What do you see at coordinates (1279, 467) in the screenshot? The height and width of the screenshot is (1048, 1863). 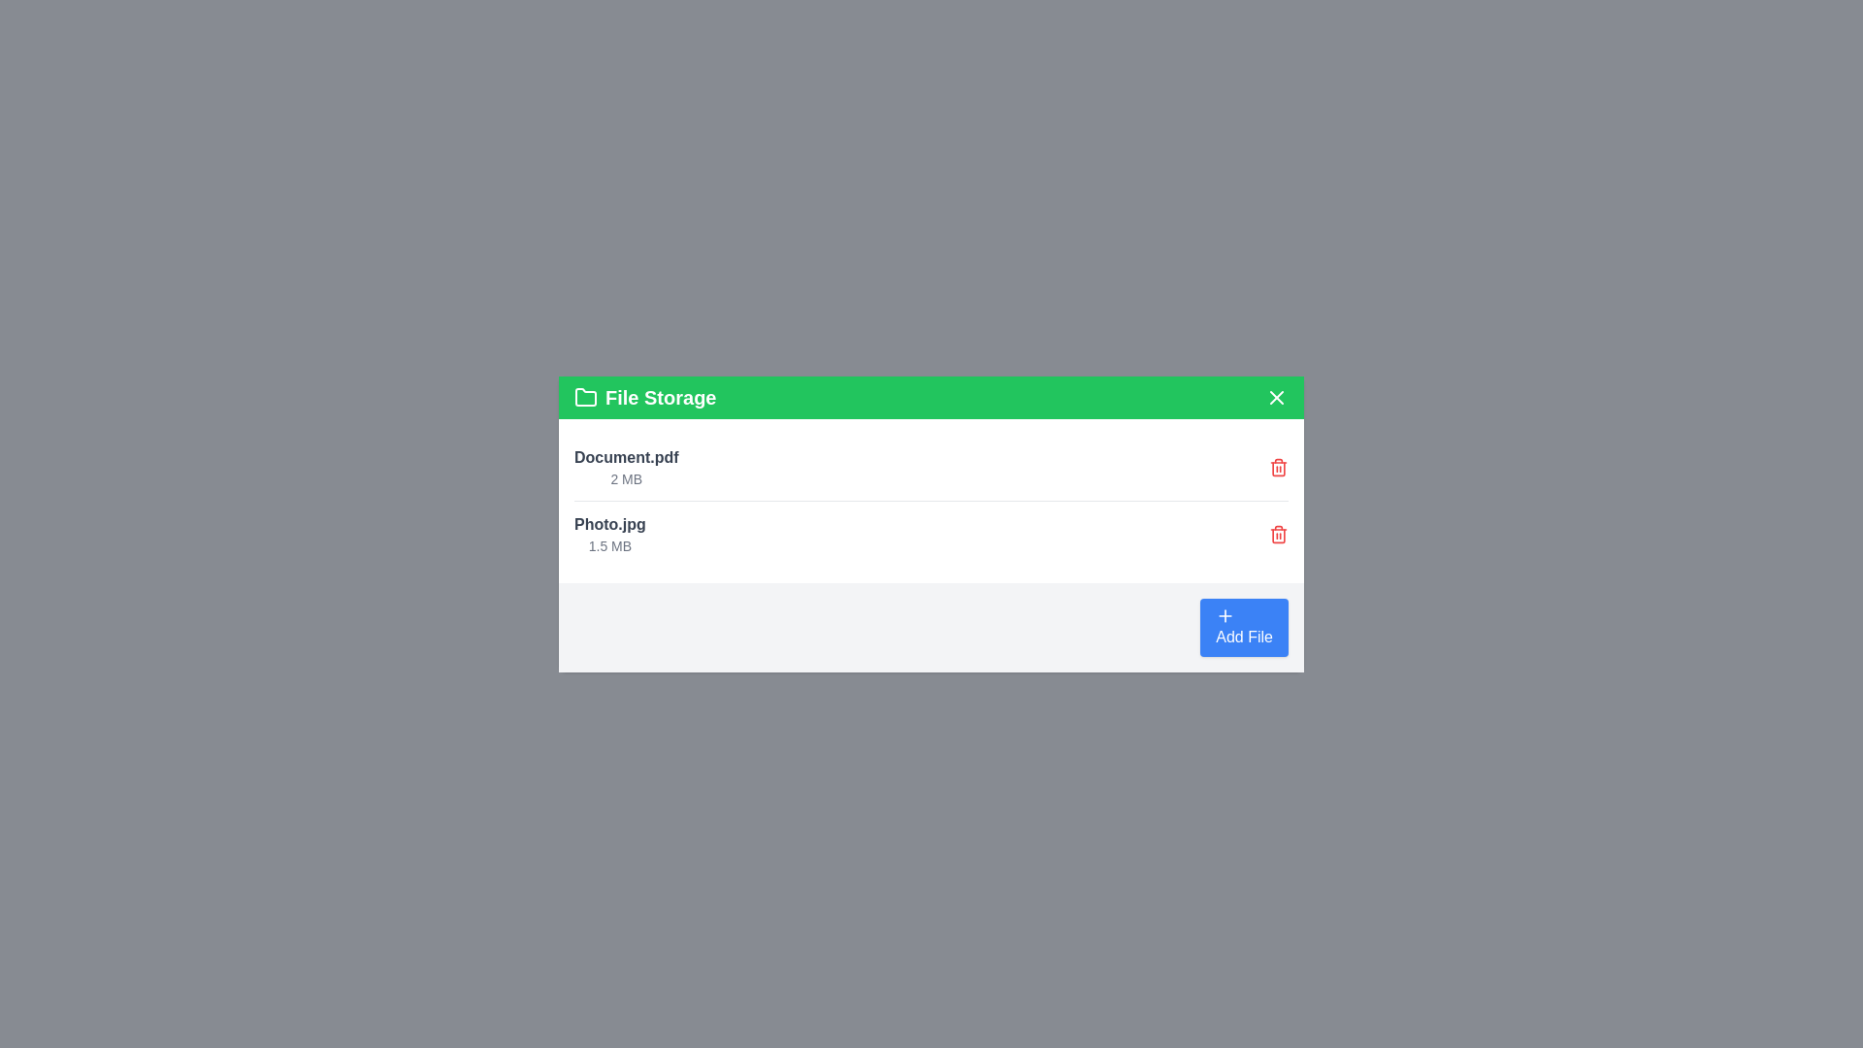 I see `the delete button for the file named Document.pdf` at bounding box center [1279, 467].